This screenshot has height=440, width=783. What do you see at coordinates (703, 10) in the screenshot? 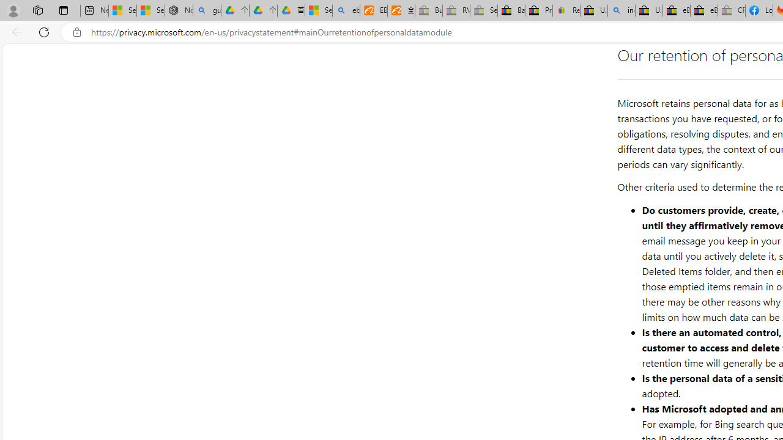
I see `'eBay Inc. Reports Third Quarter 2023 Results'` at bounding box center [703, 10].